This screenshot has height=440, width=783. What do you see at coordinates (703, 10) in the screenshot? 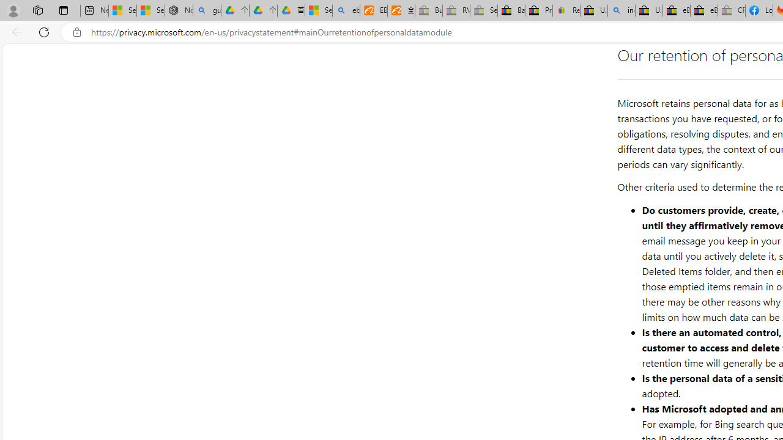
I see `'eBay Inc. Reports Third Quarter 2023 Results'` at bounding box center [703, 10].